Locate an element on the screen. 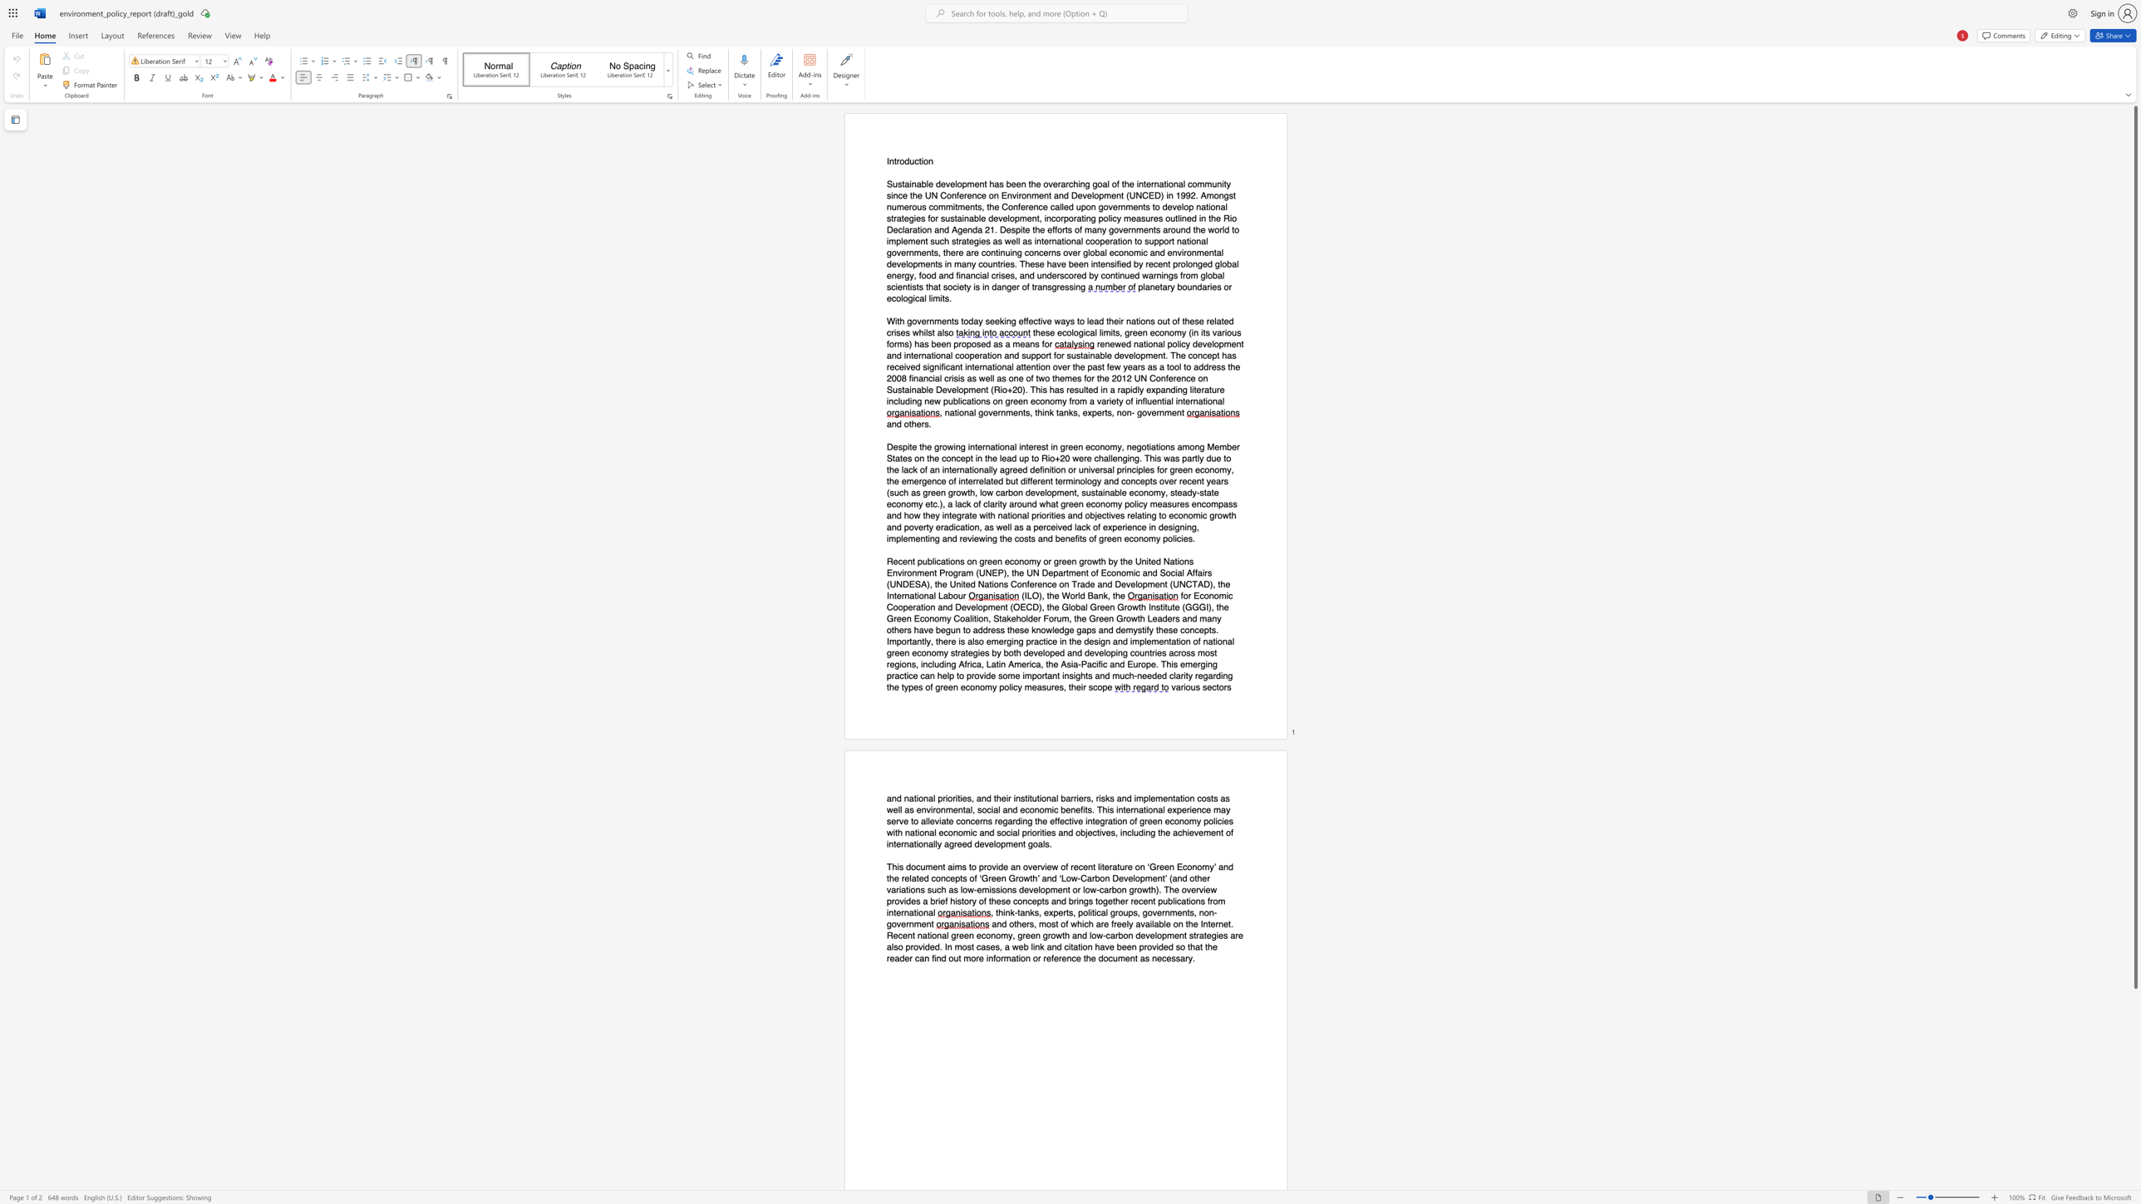  the scrollbar to move the content lower is located at coordinates (2134, 1169).